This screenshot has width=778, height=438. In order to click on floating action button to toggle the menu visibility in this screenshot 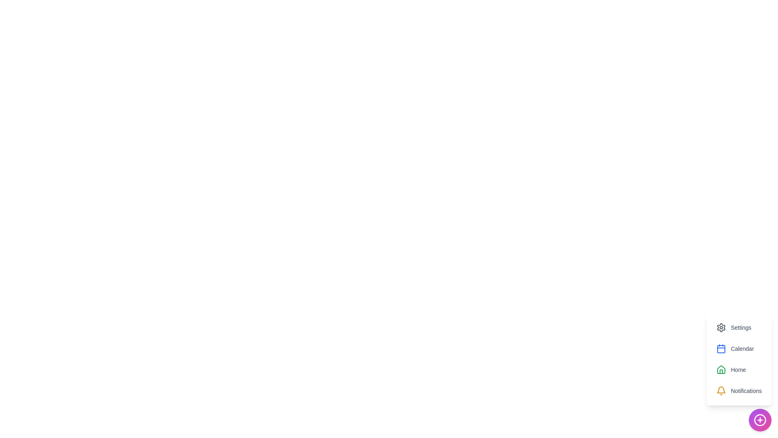, I will do `click(760, 420)`.